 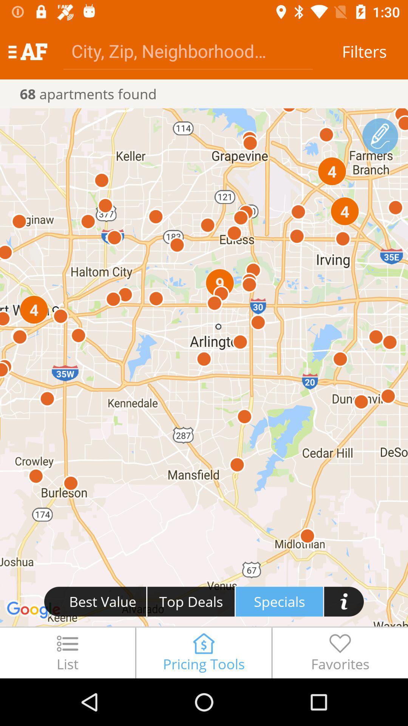 I want to click on the icon above the pricing tools icon, so click(x=279, y=601).